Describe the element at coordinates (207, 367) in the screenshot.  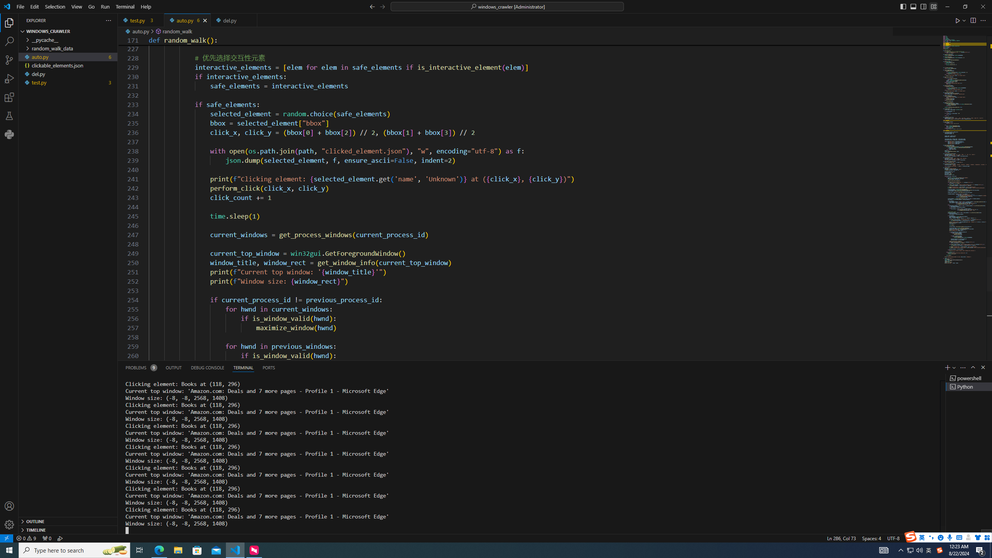
I see `'Debug Console (Ctrl+Shift+Y)'` at that location.